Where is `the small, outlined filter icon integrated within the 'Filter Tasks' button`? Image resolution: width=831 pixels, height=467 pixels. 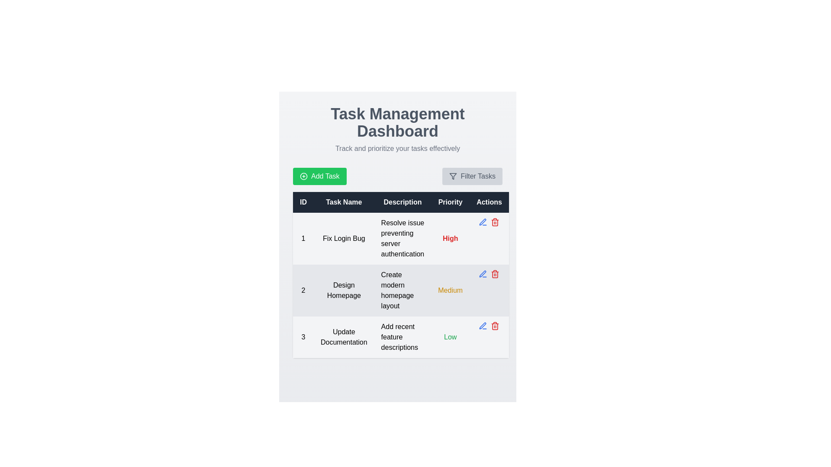
the small, outlined filter icon integrated within the 'Filter Tasks' button is located at coordinates (453, 176).